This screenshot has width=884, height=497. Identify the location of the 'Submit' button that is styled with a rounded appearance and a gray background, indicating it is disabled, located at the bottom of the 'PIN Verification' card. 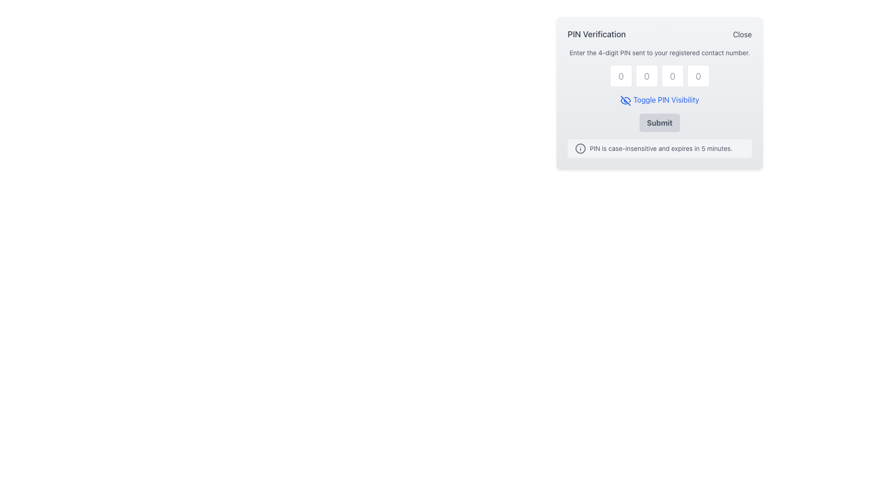
(659, 122).